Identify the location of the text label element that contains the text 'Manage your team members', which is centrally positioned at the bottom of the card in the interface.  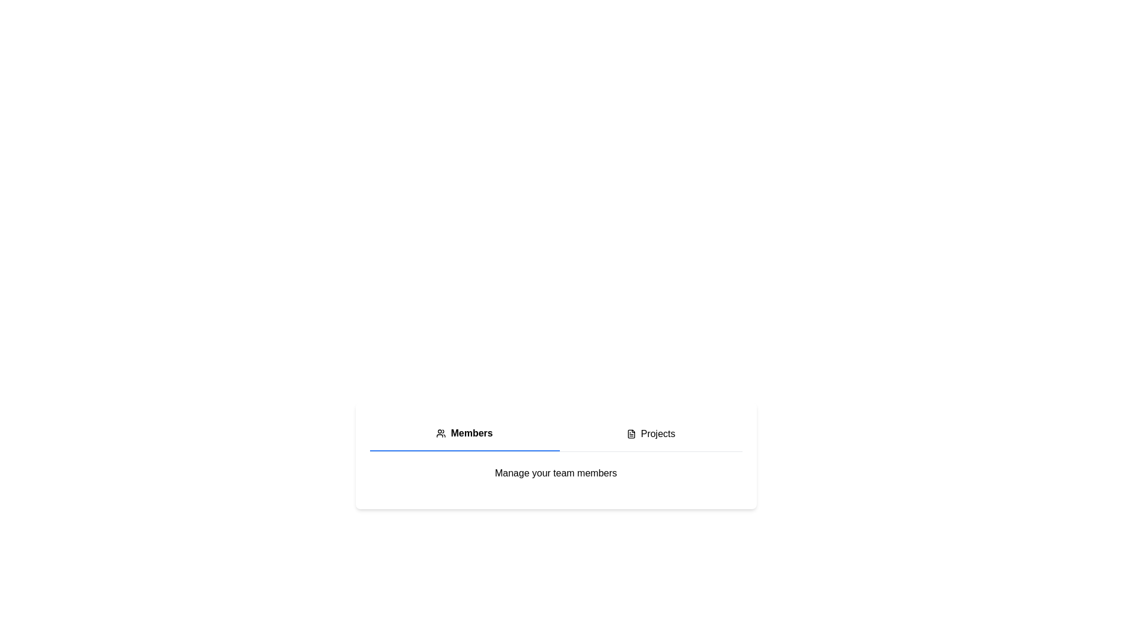
(555, 473).